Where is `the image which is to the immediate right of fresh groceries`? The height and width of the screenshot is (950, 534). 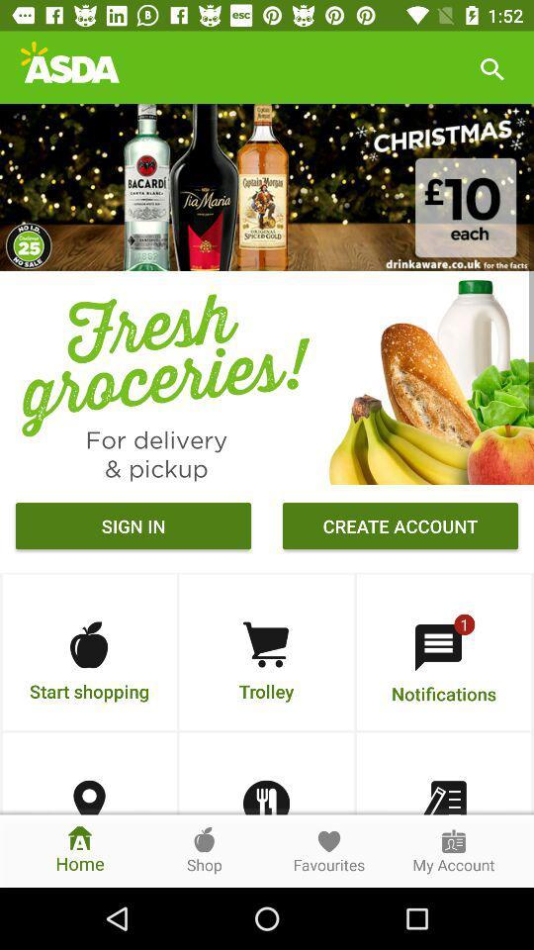
the image which is to the immediate right of fresh groceries is located at coordinates (426, 376).